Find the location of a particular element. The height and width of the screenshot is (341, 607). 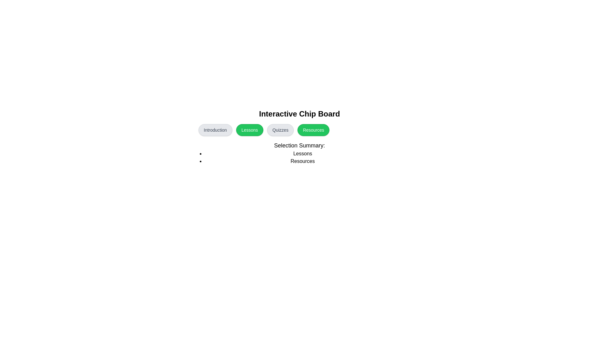

the text label displaying 'Resources' in bold black font, which is the second item in a bulleted list under 'Lessons' in the 'Selection Summary.' is located at coordinates (302, 161).